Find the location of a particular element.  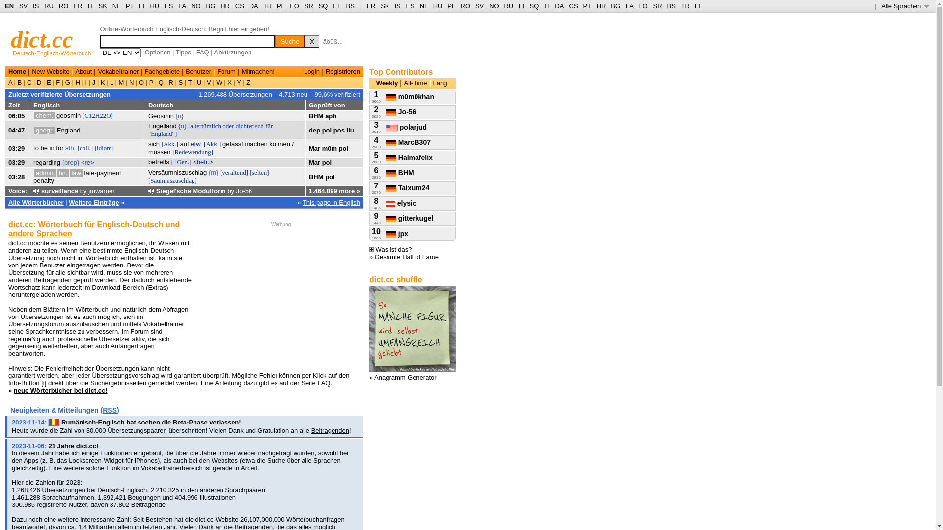

'PT' is located at coordinates (587, 6).